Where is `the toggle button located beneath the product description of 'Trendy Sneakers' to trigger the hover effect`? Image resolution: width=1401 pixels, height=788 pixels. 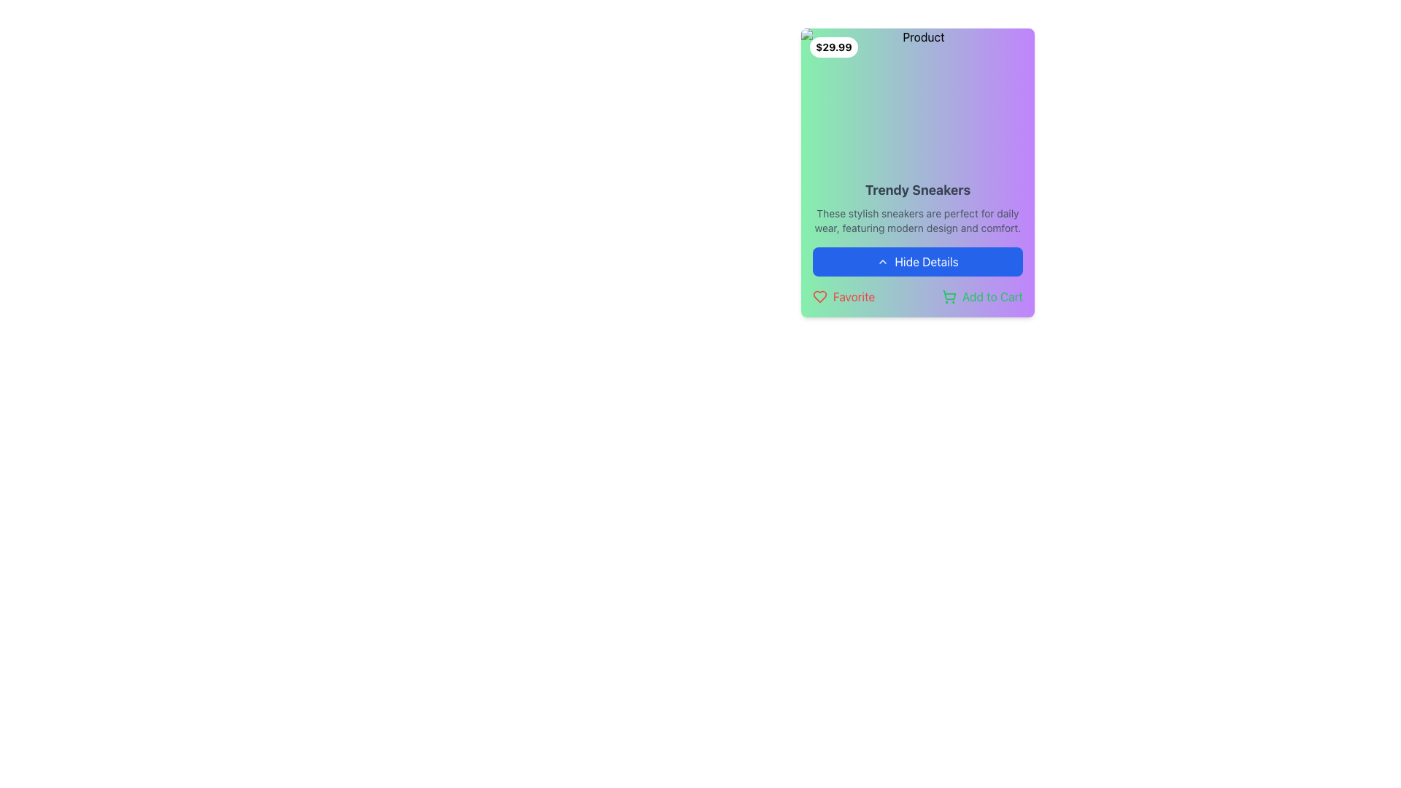
the toggle button located beneath the product description of 'Trendy Sneakers' to trigger the hover effect is located at coordinates (916, 260).